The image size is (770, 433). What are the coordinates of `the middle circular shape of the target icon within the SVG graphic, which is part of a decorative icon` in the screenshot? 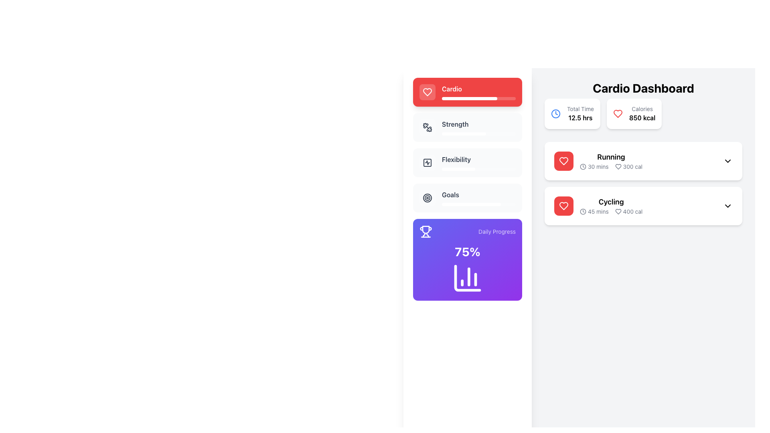 It's located at (427, 198).